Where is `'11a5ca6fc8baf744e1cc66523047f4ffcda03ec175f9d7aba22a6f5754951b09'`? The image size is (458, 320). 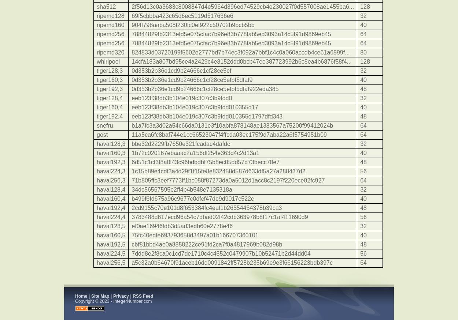
'11a5ca6fc8baf744e1cc66523047f4ffcda03ec175f9d7aba22a6f5754951b09' is located at coordinates (229, 135).